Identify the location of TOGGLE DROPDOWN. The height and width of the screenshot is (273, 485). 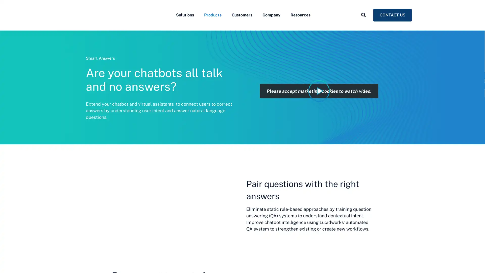
(363, 26).